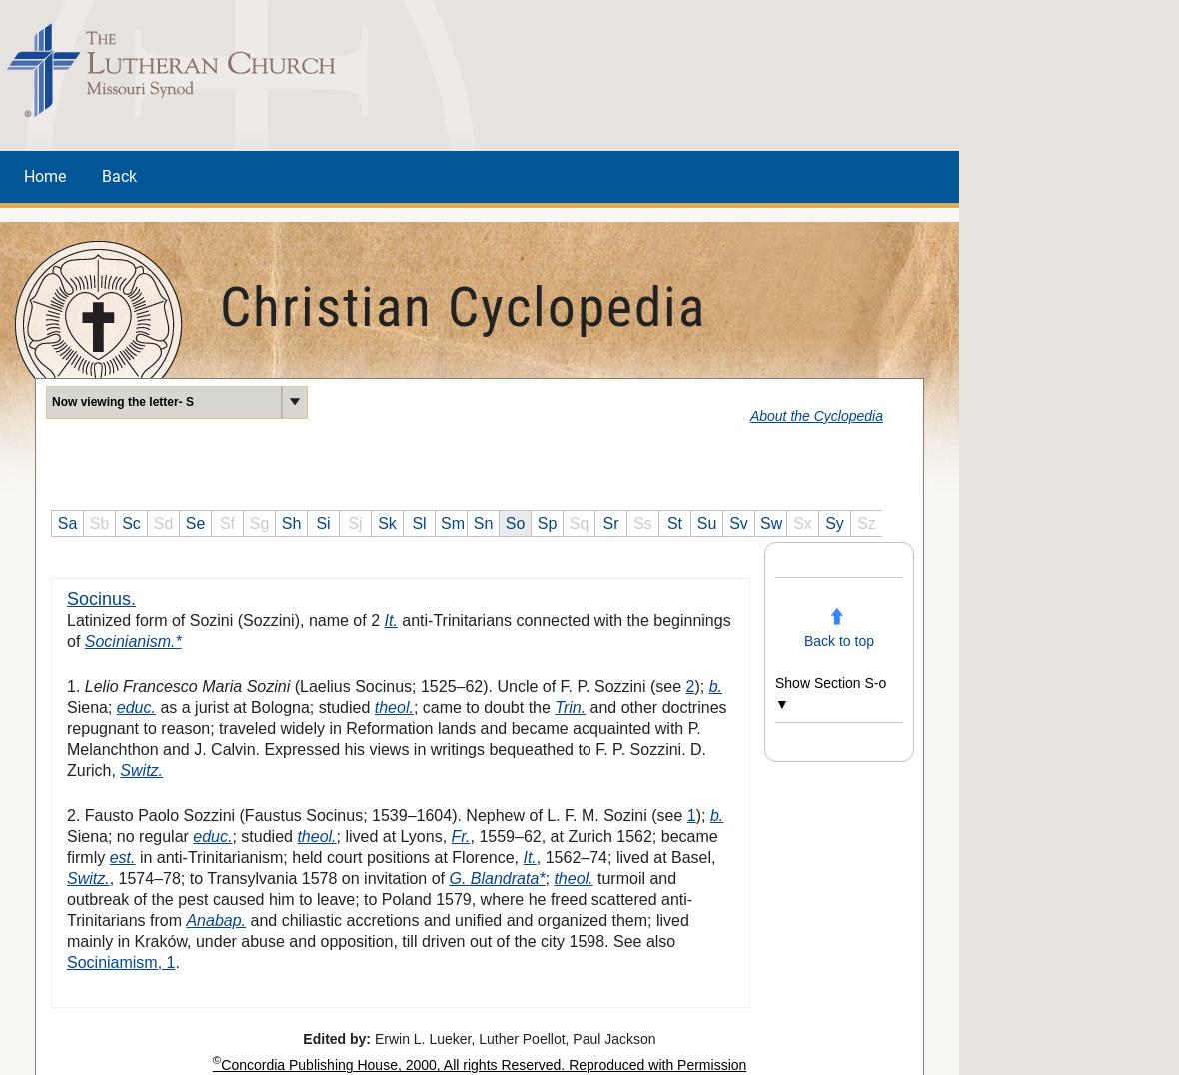 Image resolution: width=1179 pixels, height=1075 pixels. Describe the element at coordinates (395, 736) in the screenshot. I see `'and other doctrines repugnant to reason; traveled widely in Reformation lands and became acquainted with P. Melanchthon and J. Calvin. Expressed his views in writings bequeathed to F. P. Sozzini. D. Zurich,'` at that location.